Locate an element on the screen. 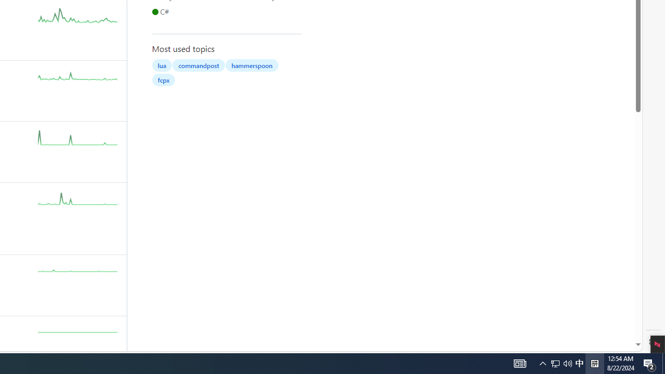 This screenshot has height=374, width=665. 'hammerspoon' is located at coordinates (252, 65).